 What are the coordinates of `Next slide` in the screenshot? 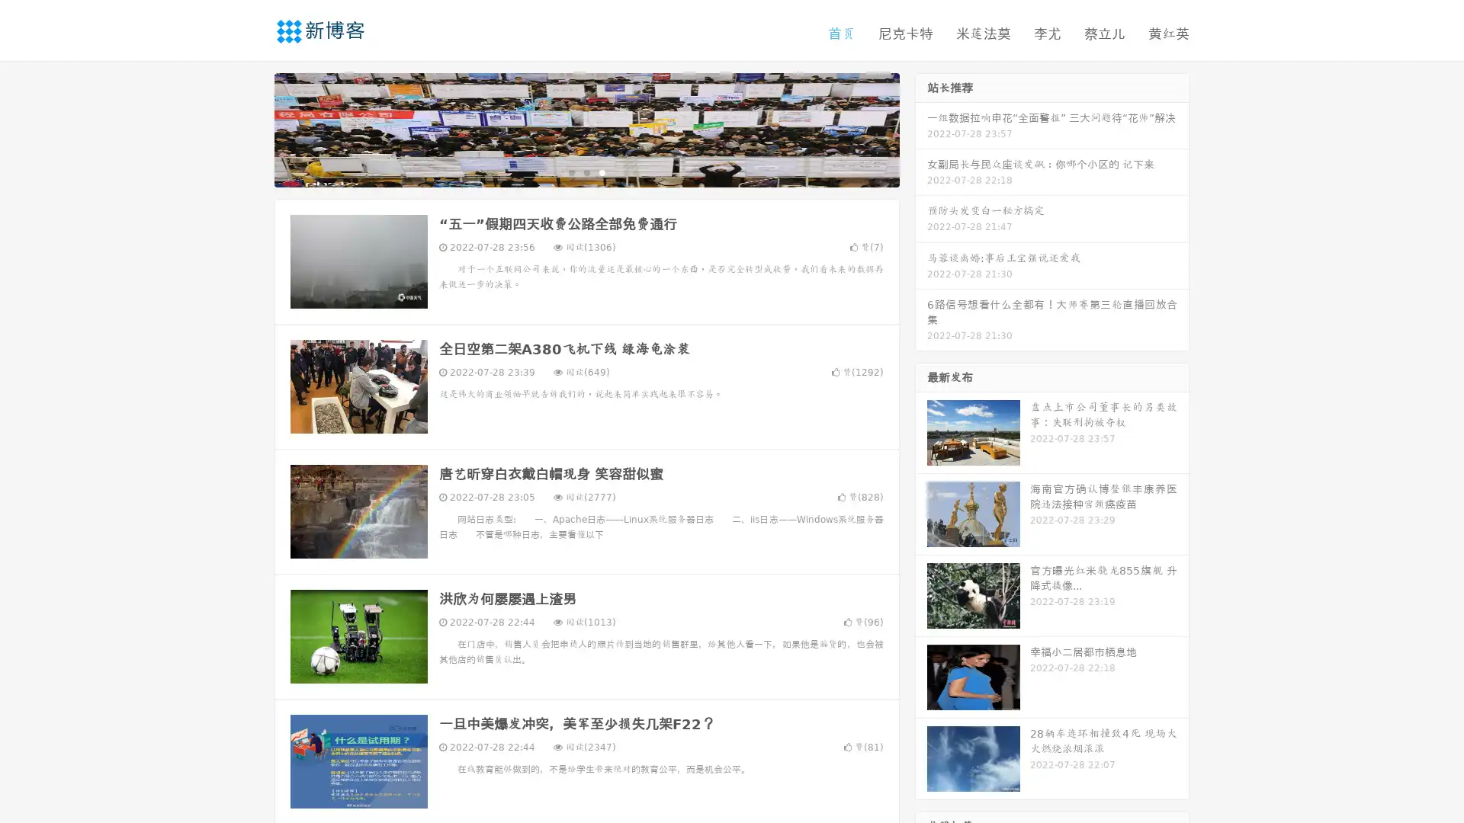 It's located at (921, 128).